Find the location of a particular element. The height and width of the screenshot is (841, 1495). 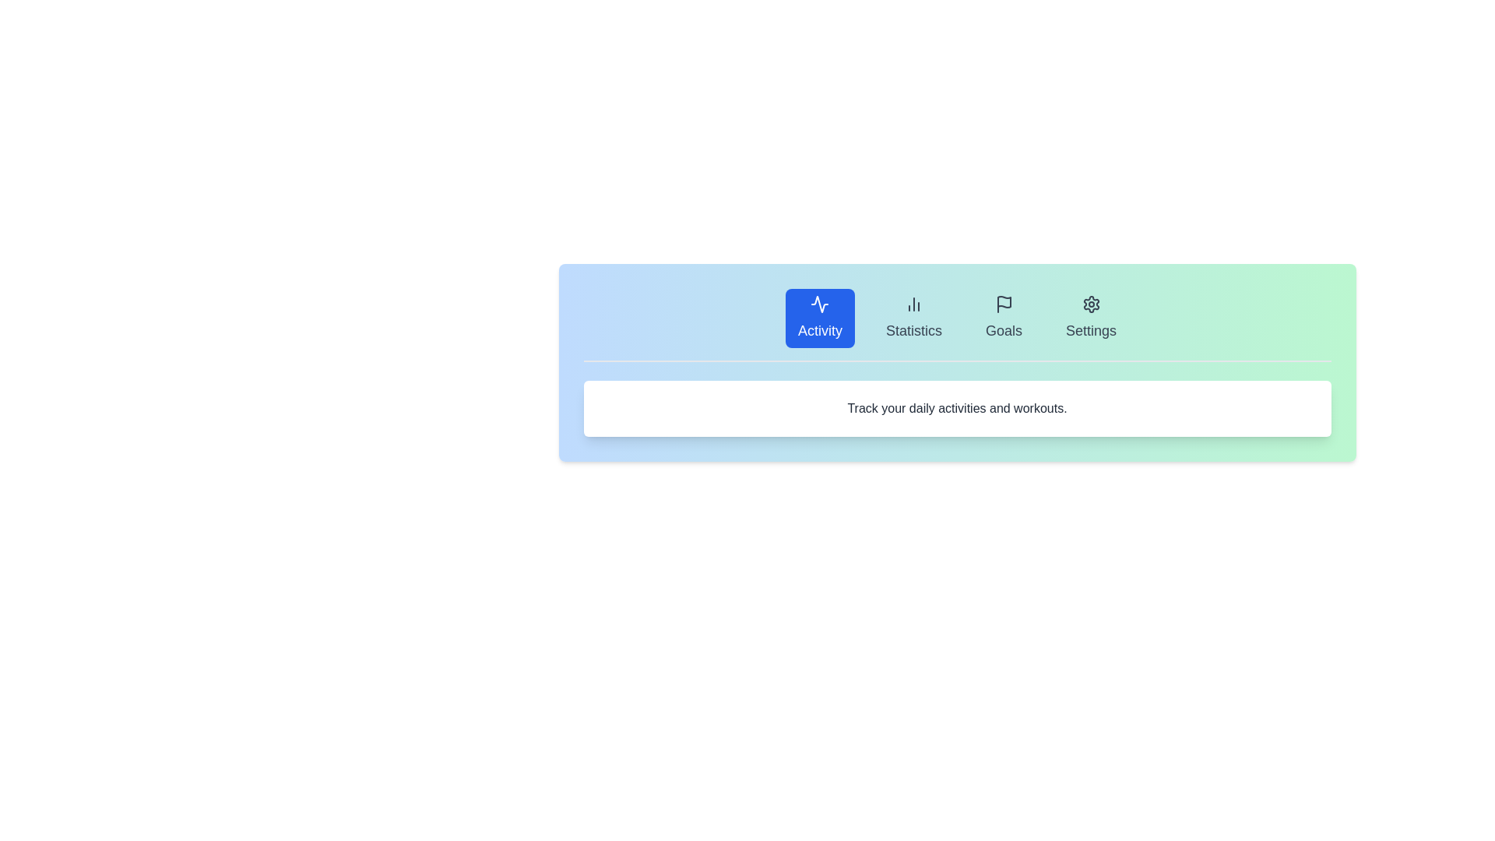

the Settings tab by clicking on it is located at coordinates (1090, 317).